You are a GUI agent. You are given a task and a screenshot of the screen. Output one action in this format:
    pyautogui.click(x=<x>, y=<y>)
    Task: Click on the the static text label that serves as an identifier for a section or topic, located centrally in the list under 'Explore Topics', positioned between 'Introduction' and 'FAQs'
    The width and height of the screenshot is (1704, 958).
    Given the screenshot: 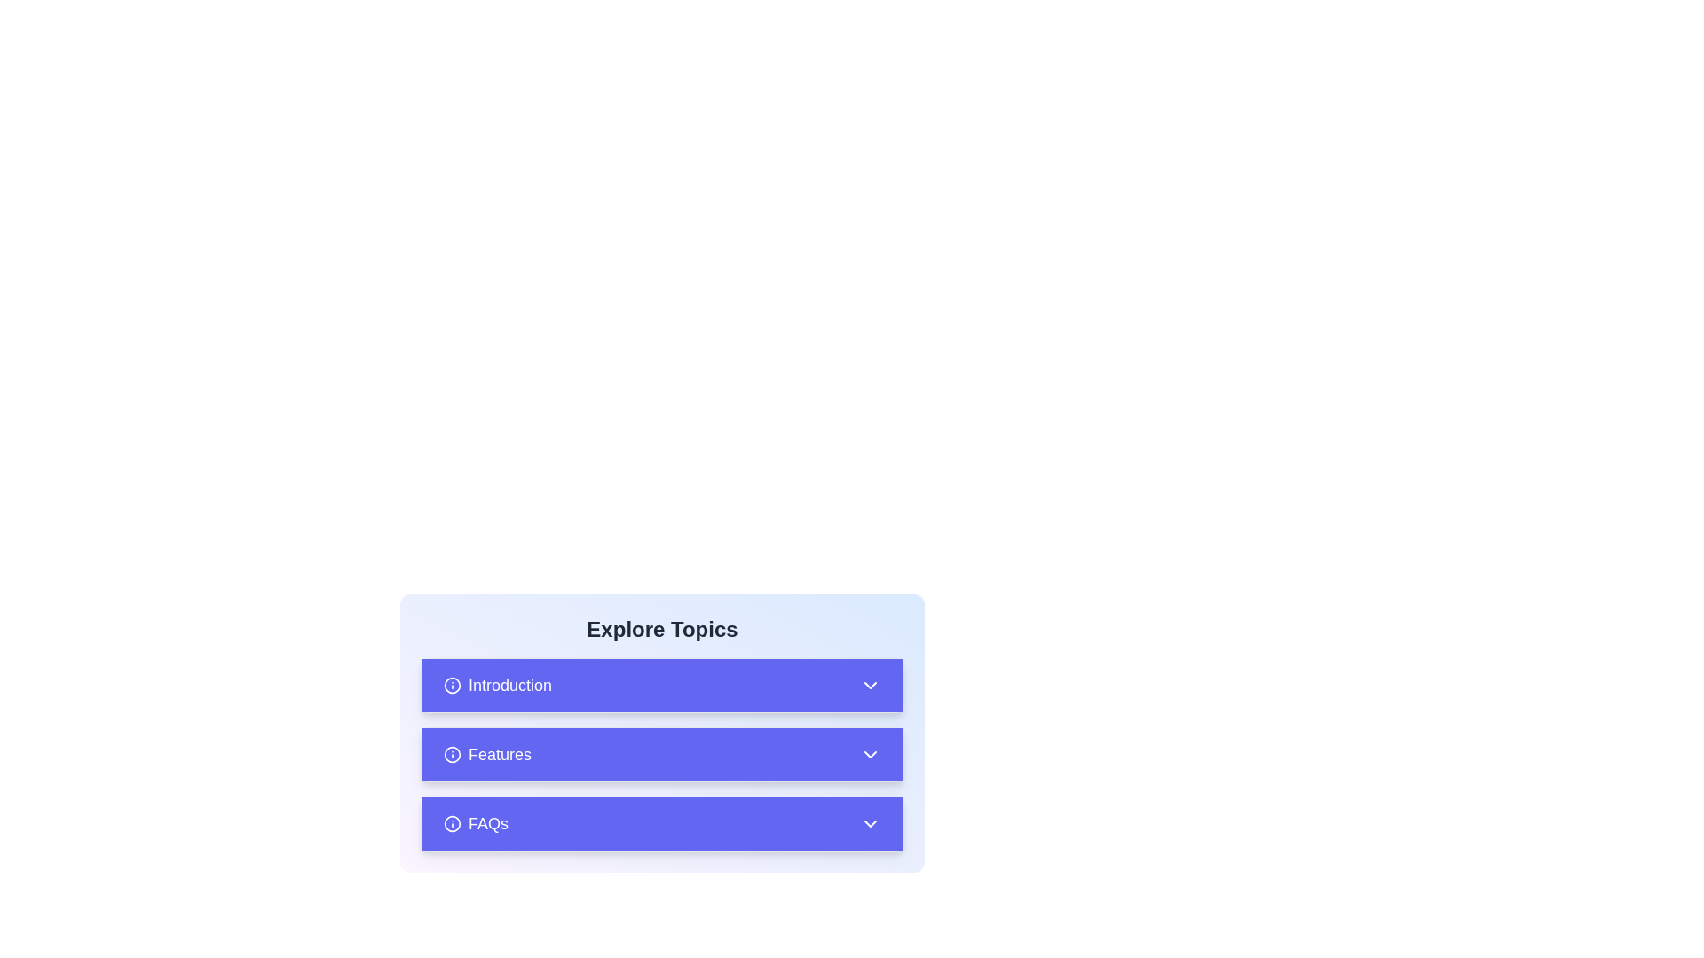 What is the action you would take?
    pyautogui.click(x=499, y=755)
    